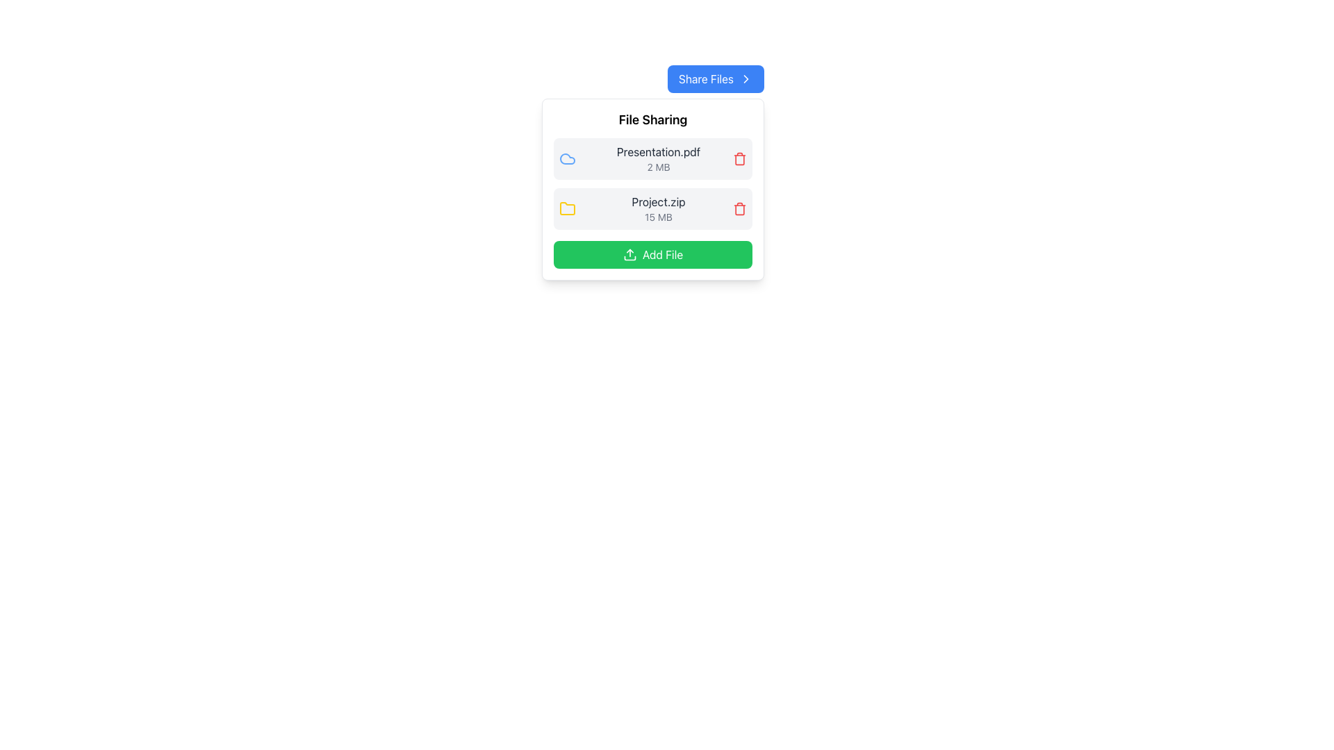 The image size is (1334, 750). Describe the element at coordinates (658, 152) in the screenshot. I see `text content of the text label displaying the filename 'Presentation.pdf' located in the uppermost file entry of the file-sharing interface` at that location.